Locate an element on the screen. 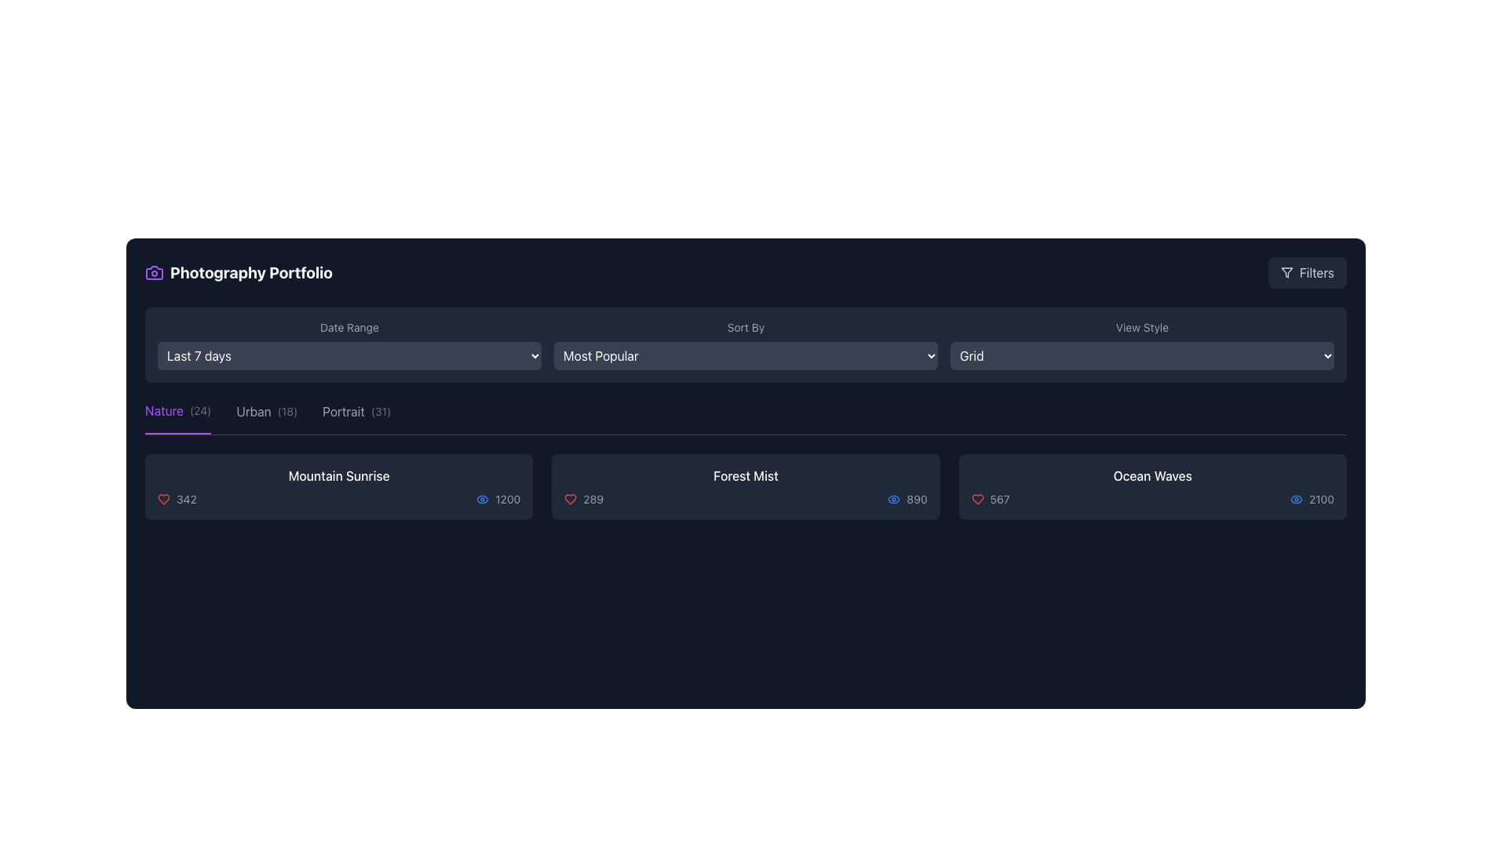 This screenshot has height=847, width=1507. an option from the 'Sort By' dropdown menu, which is labeled with gray text and contains options like 'Most Popular' is located at coordinates (745, 344).